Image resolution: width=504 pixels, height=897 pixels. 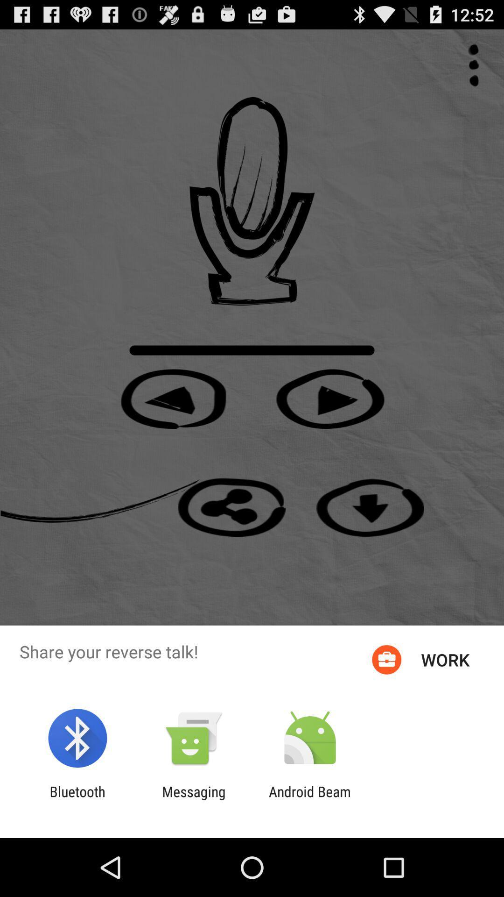 I want to click on messaging, so click(x=193, y=799).